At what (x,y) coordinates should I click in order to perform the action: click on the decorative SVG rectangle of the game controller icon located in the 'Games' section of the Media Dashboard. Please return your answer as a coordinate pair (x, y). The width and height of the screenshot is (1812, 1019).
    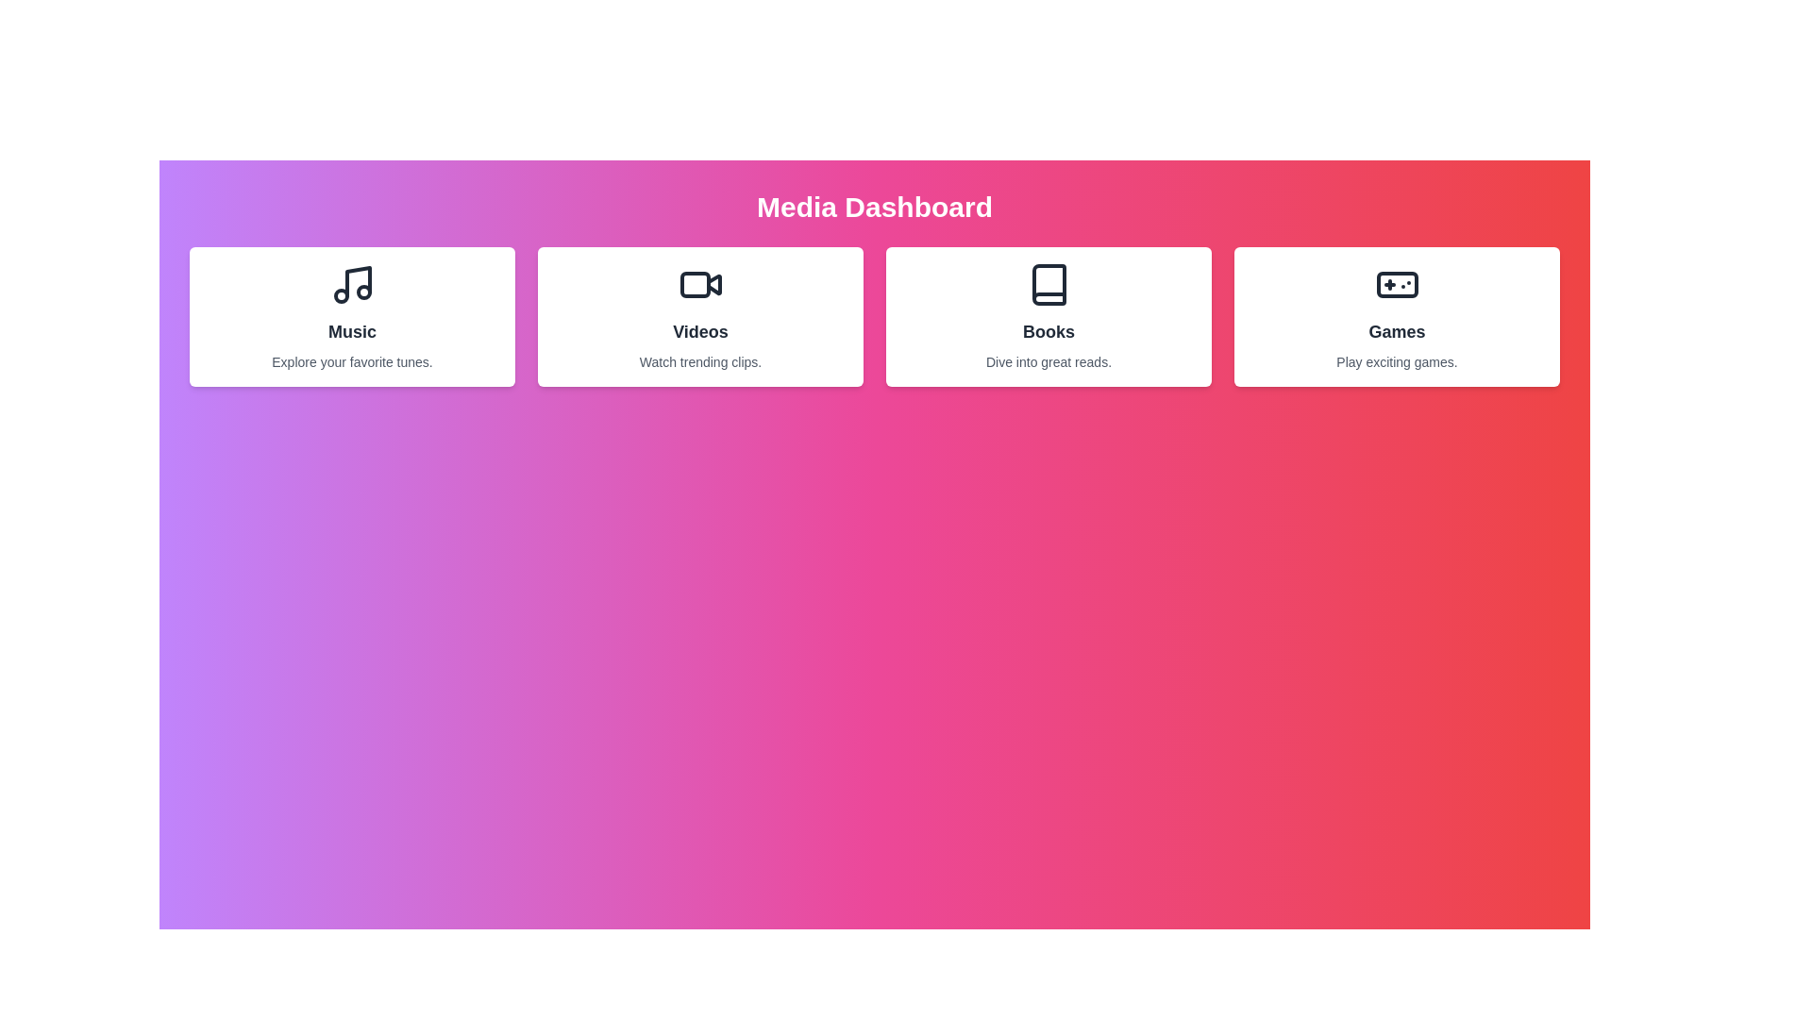
    Looking at the image, I should click on (1397, 284).